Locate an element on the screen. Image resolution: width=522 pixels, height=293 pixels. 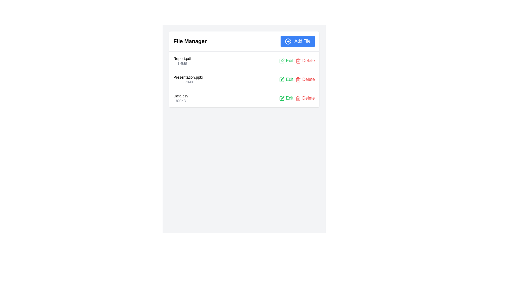
the list item representing the file 'Presentation.pptx' is located at coordinates (244, 79).